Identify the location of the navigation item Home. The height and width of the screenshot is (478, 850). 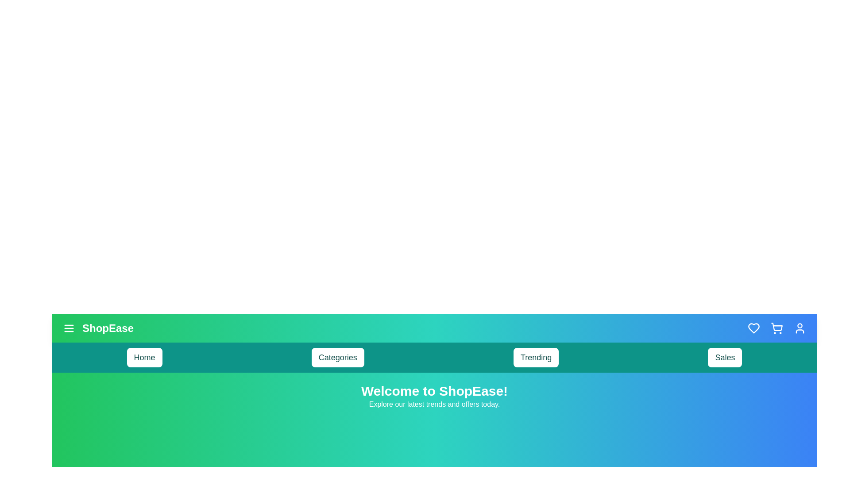
(144, 357).